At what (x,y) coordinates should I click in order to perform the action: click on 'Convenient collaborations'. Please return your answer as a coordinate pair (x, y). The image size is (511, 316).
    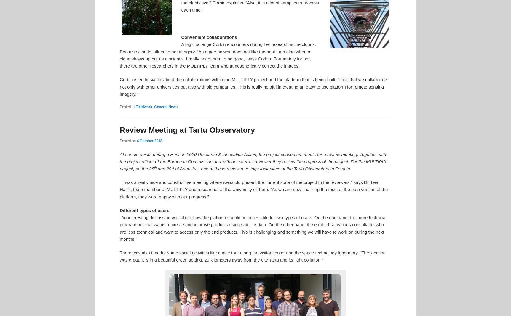
    Looking at the image, I should click on (208, 36).